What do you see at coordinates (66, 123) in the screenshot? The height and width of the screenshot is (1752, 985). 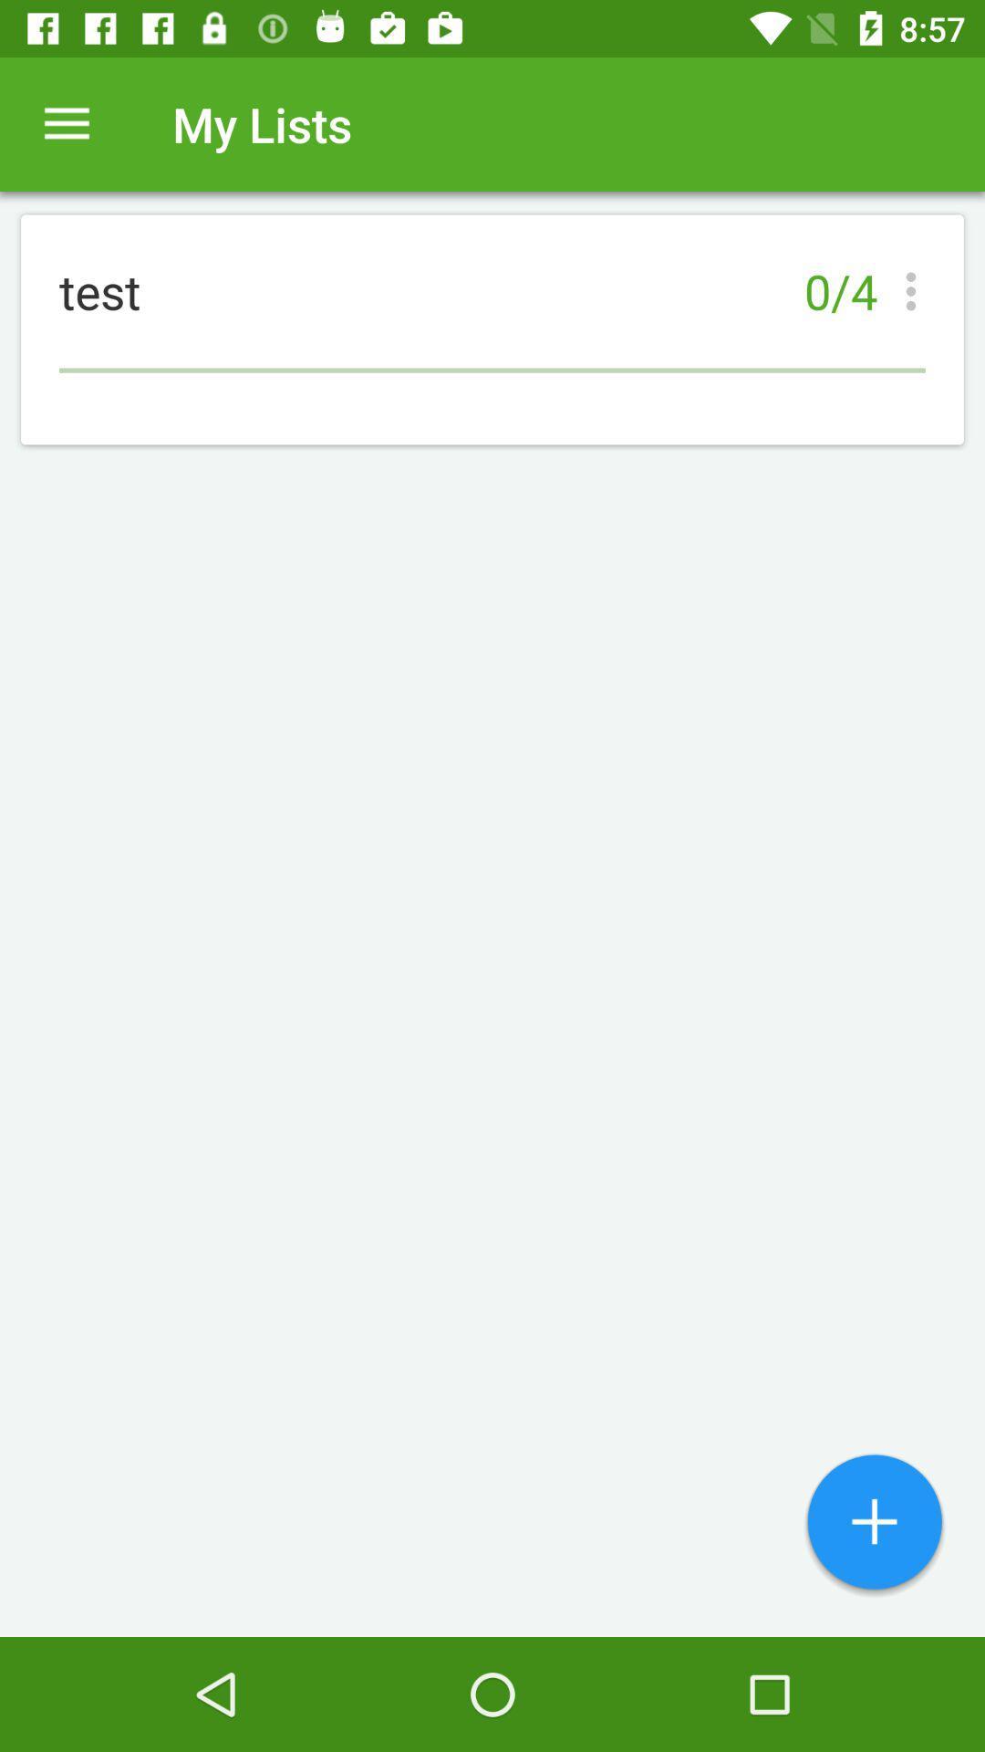 I see `item above test icon` at bounding box center [66, 123].